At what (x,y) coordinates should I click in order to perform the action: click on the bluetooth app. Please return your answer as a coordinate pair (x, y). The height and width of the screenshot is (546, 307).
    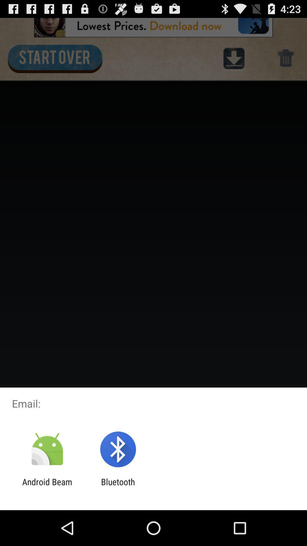
    Looking at the image, I should click on (118, 487).